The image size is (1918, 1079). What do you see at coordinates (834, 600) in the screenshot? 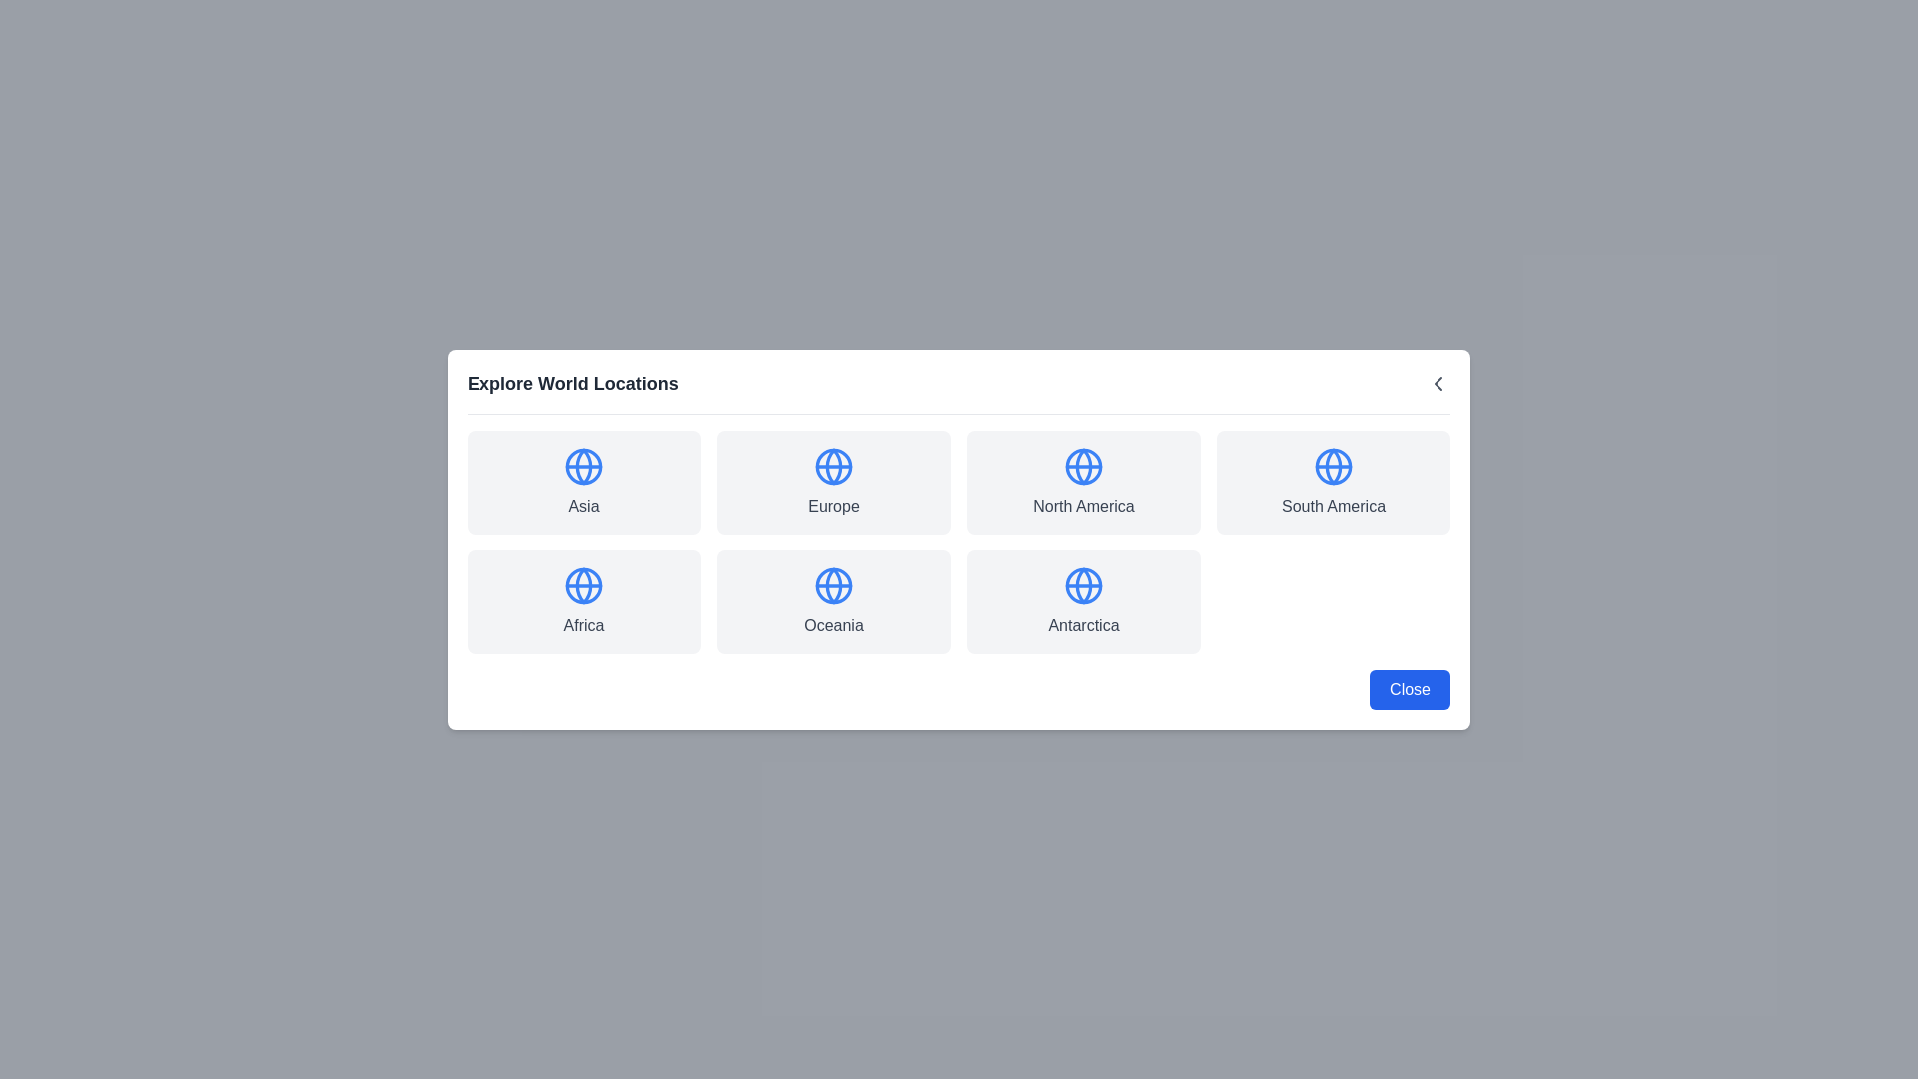
I see `the location Oceania` at bounding box center [834, 600].